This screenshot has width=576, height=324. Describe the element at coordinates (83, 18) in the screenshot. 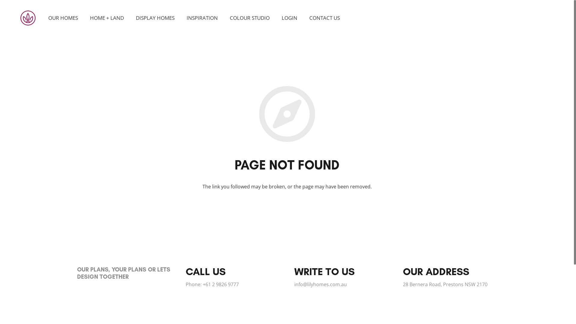

I see `'HOME + LAND'` at that location.